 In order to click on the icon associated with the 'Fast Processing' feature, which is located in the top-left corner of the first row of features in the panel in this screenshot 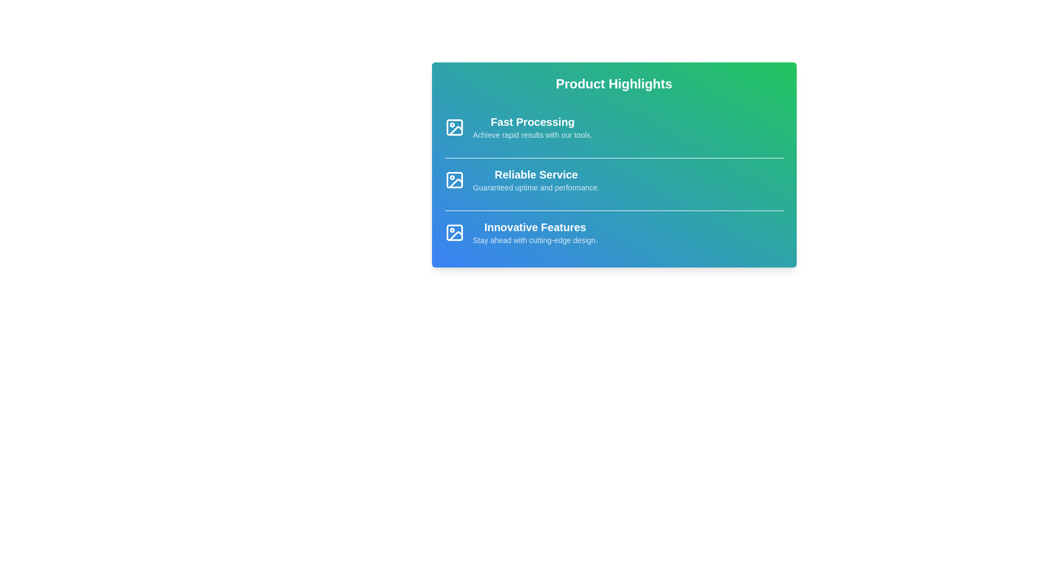, I will do `click(454, 127)`.